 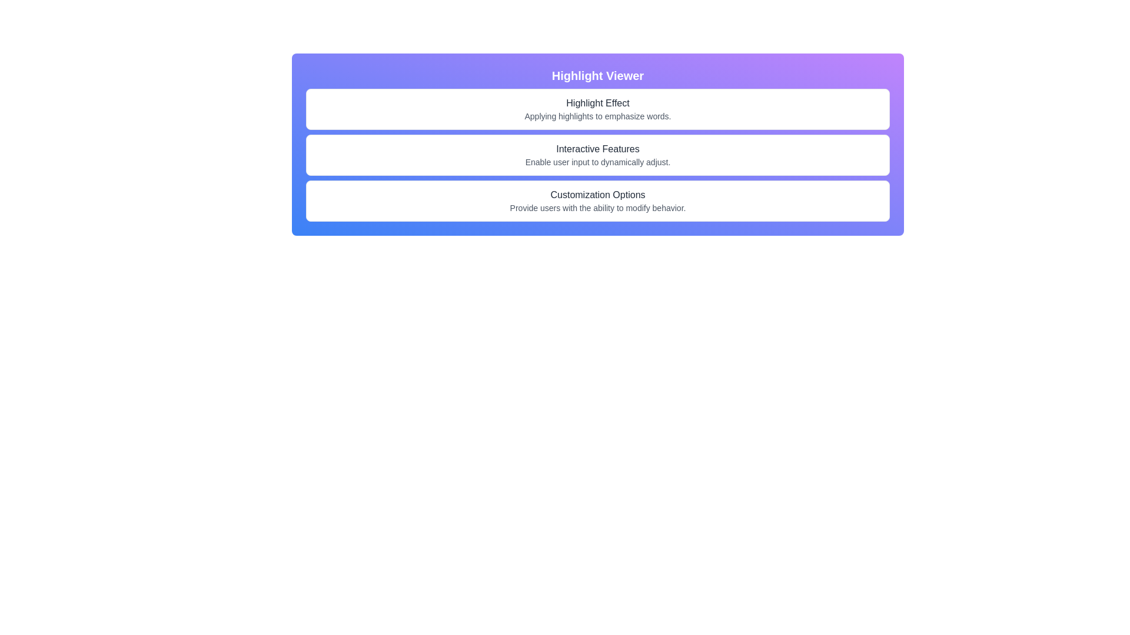 I want to click on the last 'e' in the word 'Features' in the 'Interactive Features' text displayed in the second section of the interface, so click(x=610, y=148).